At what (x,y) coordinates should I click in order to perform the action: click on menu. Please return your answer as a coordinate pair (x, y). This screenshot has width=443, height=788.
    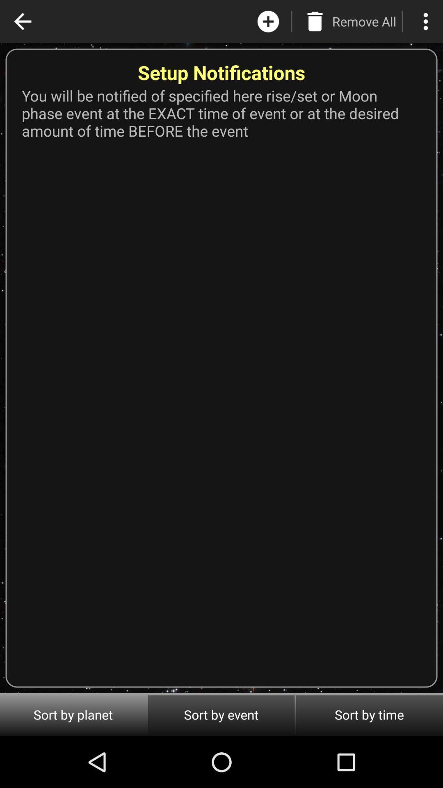
    Looking at the image, I should click on (425, 21).